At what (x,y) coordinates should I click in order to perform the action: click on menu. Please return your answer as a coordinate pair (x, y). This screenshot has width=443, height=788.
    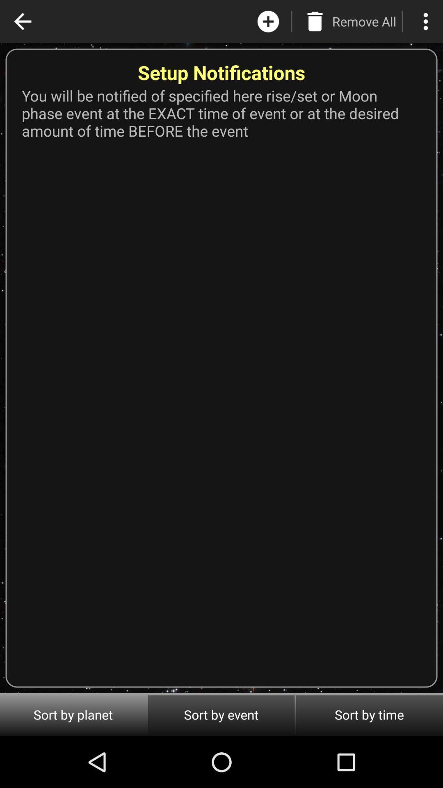
    Looking at the image, I should click on (425, 21).